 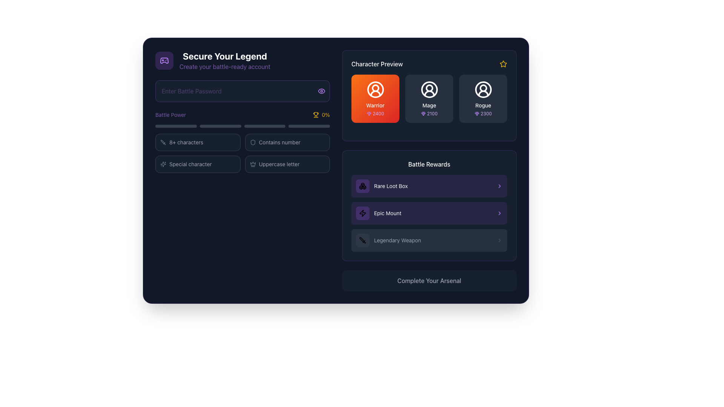 I want to click on the Text label displaying 'Legendary Weapon' next to the sword icon, located in the 'Battle Rewards' section beneath the 'Epic Mount' label, so click(x=388, y=240).